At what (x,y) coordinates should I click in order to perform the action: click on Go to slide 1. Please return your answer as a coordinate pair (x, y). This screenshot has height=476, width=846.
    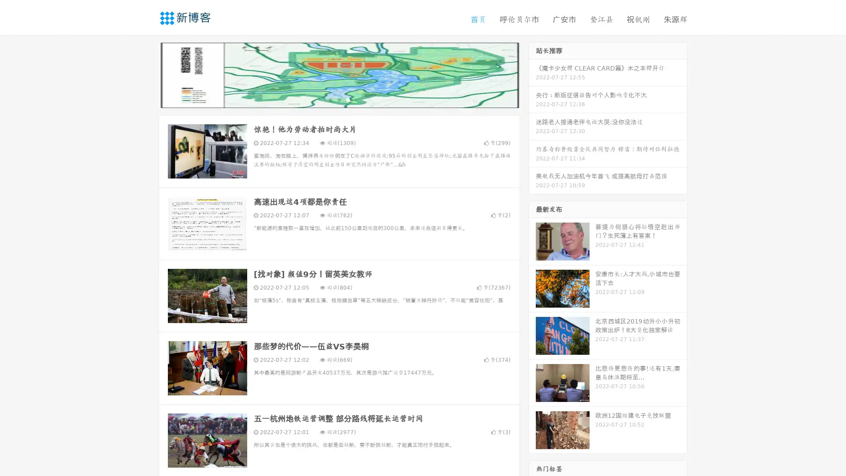
    Looking at the image, I should click on (330, 99).